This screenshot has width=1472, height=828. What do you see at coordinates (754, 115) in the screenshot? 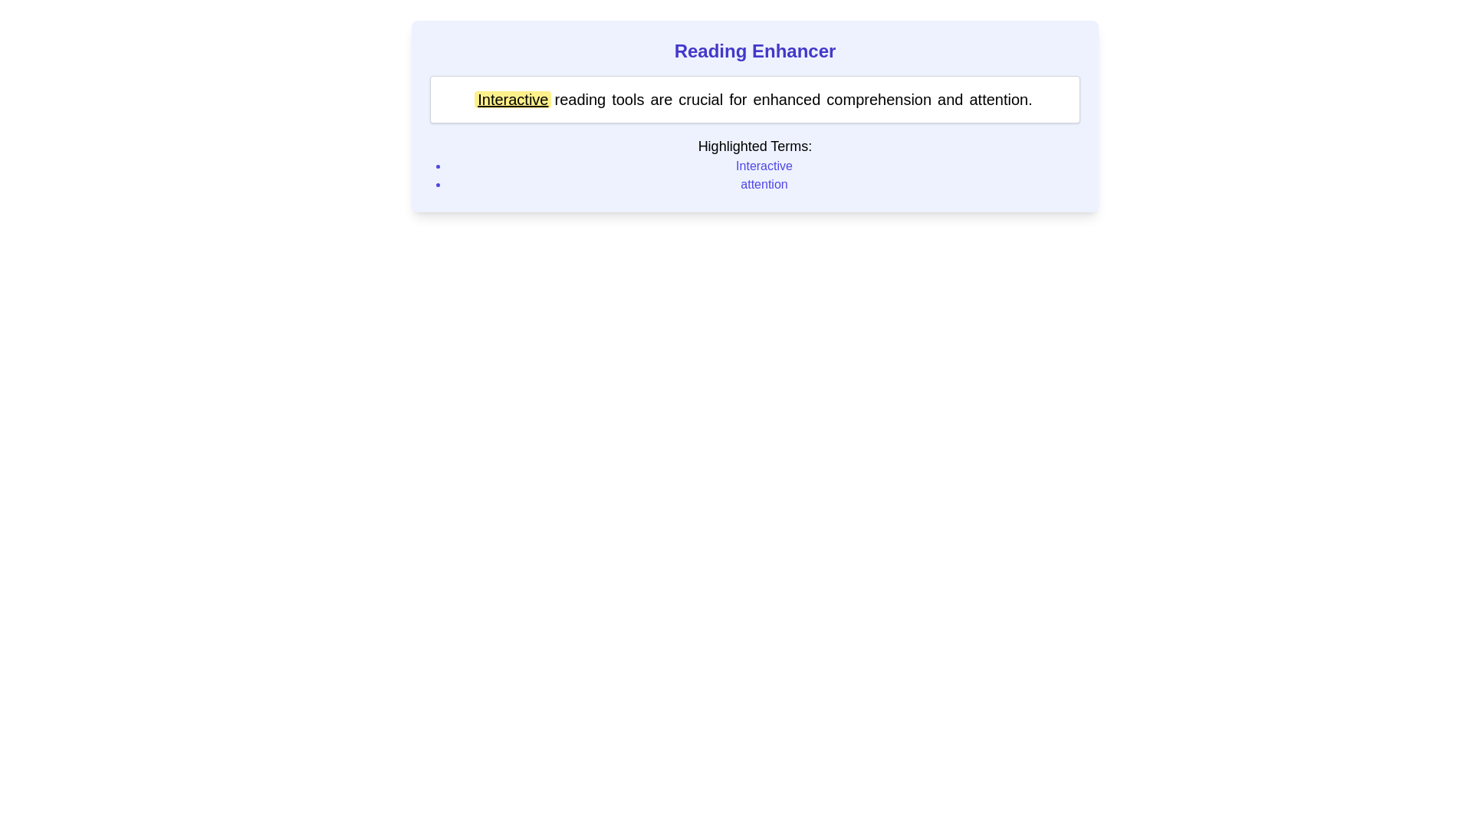
I see `the Informational Panel located centrally below the title 'Reading Enhancer' and above the list of highlighted terms` at bounding box center [754, 115].